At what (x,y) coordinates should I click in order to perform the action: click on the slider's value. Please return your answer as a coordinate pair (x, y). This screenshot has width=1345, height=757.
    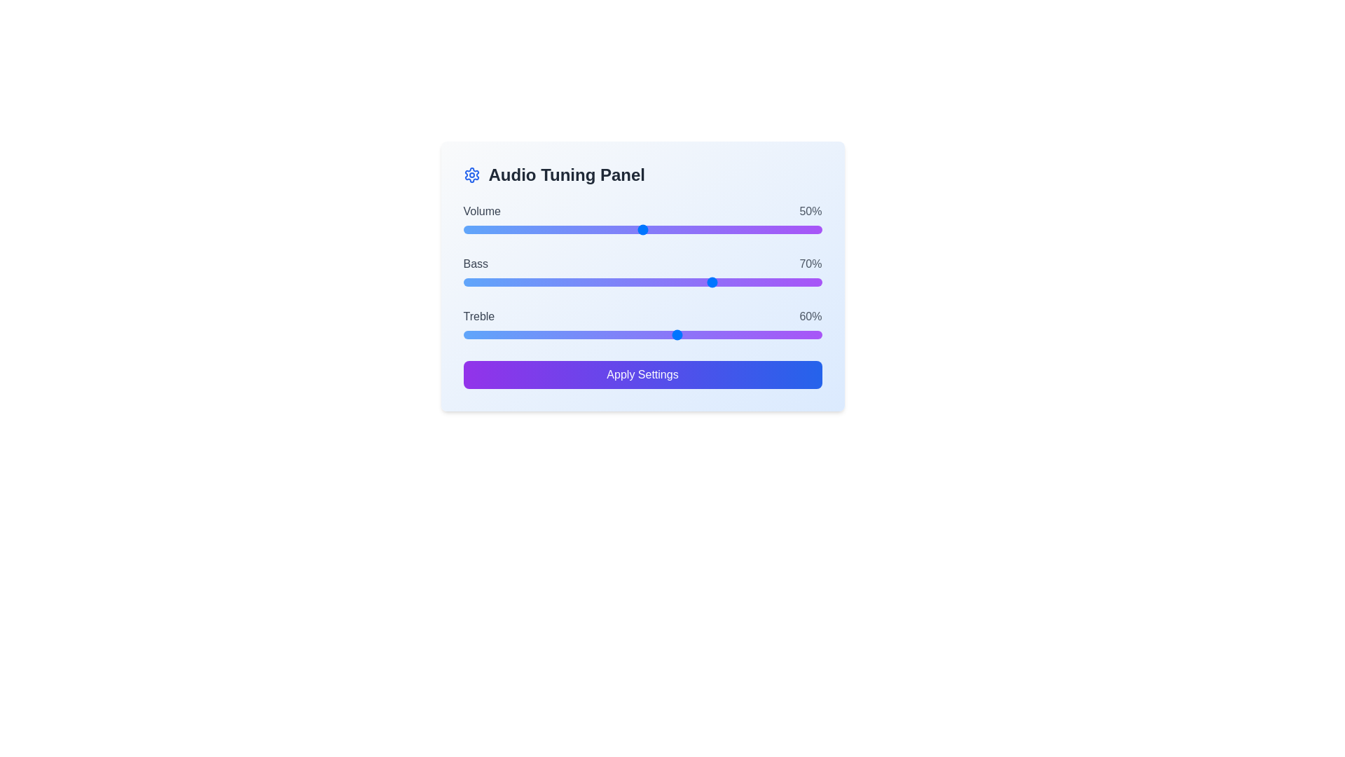
    Looking at the image, I should click on (600, 335).